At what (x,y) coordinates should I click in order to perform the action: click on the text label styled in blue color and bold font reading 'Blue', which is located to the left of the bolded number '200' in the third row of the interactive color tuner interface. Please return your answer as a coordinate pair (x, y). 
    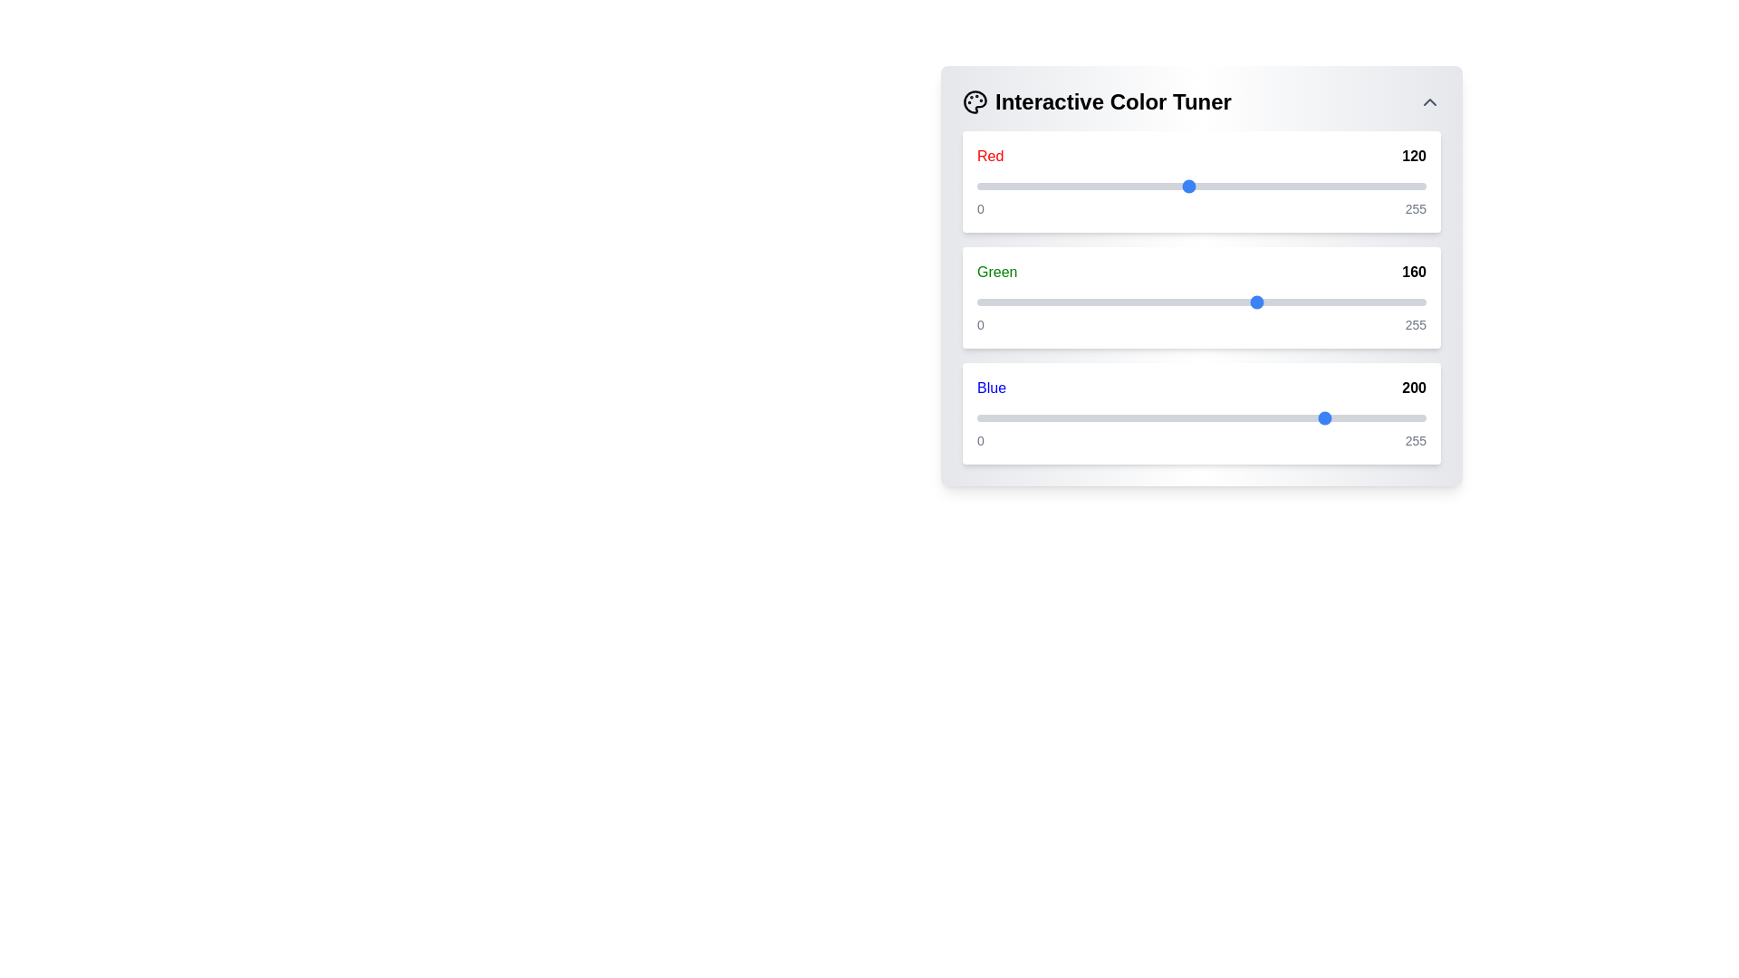
    Looking at the image, I should click on (990, 387).